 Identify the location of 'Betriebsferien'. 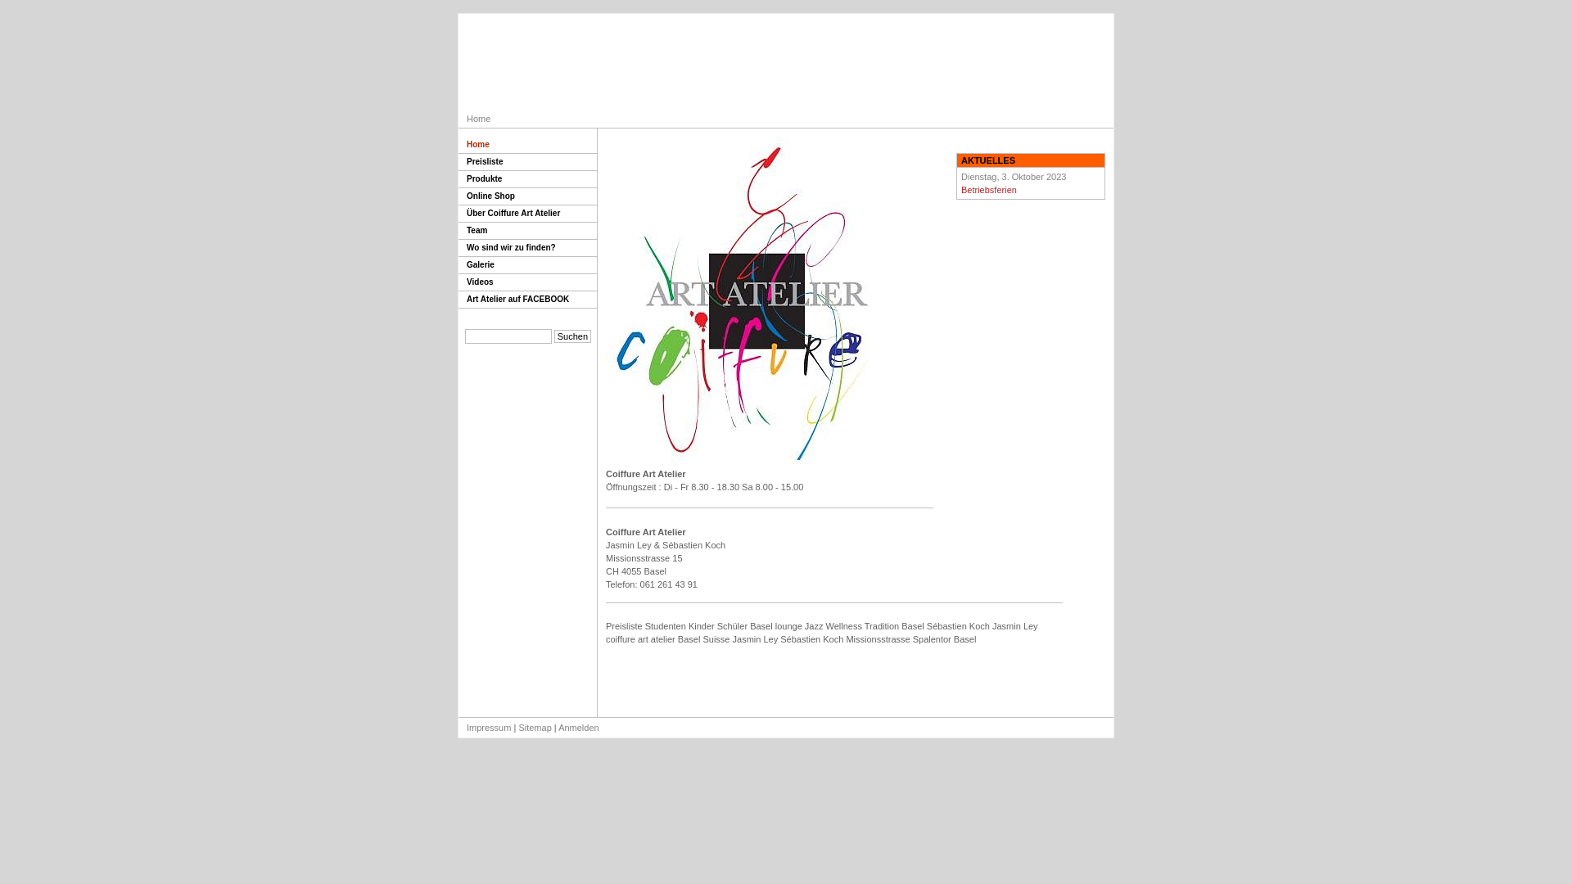
(988, 188).